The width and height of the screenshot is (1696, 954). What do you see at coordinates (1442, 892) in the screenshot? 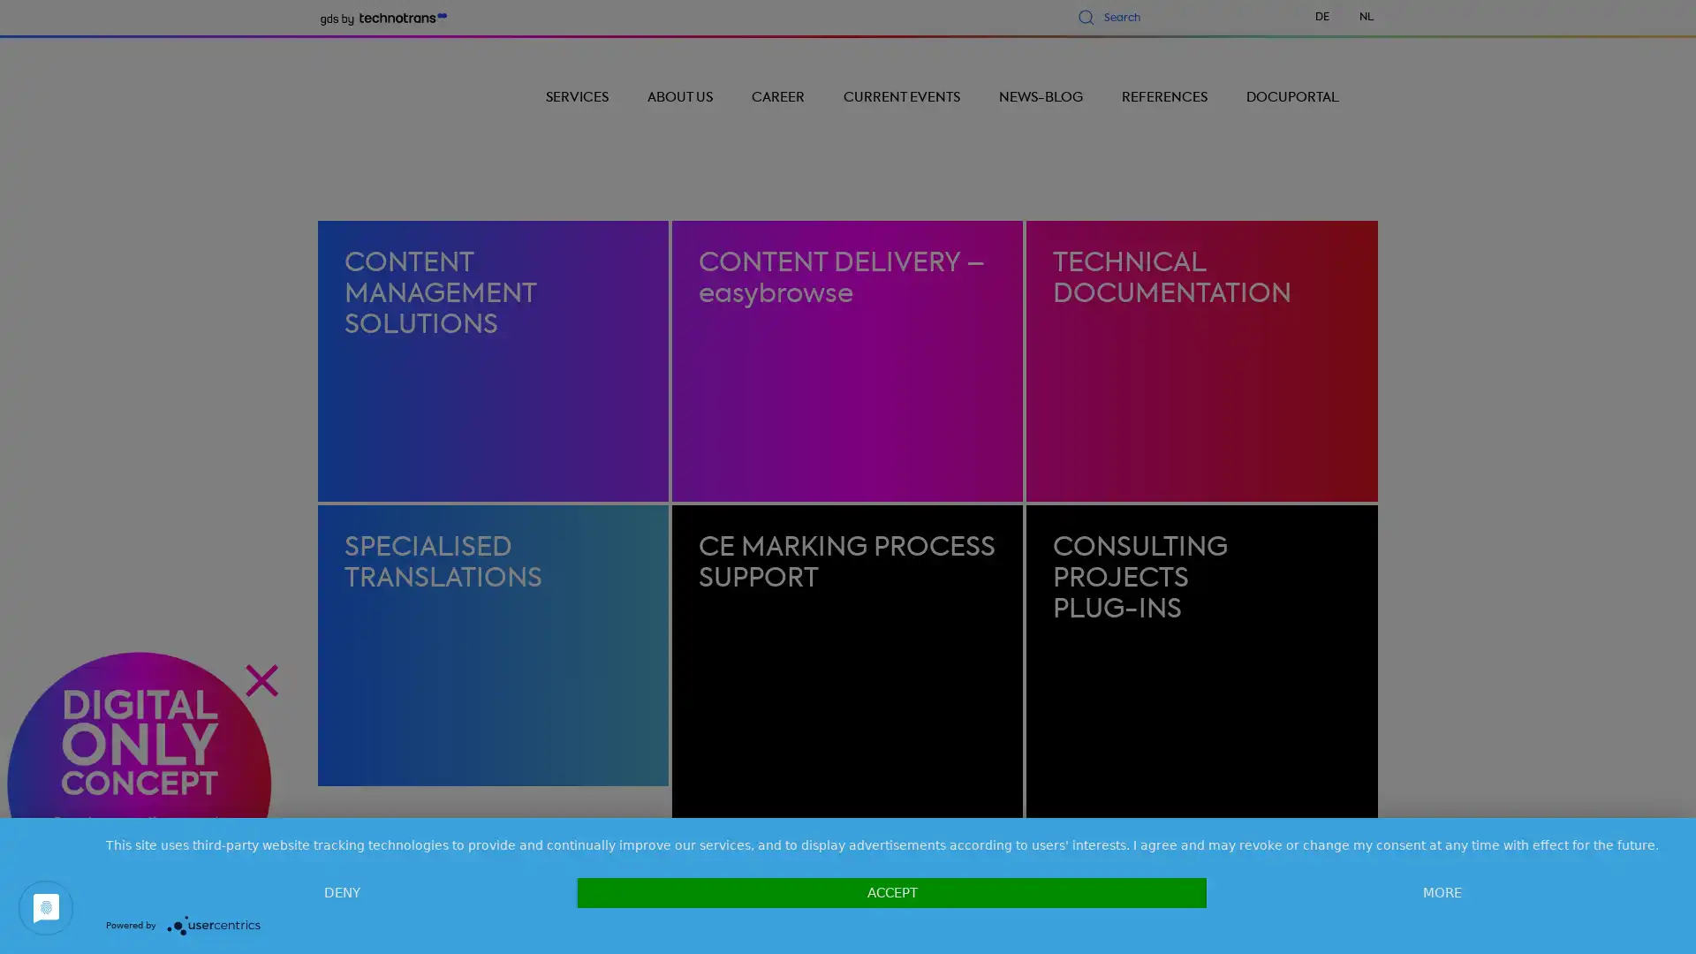
I see `MORE` at bounding box center [1442, 892].